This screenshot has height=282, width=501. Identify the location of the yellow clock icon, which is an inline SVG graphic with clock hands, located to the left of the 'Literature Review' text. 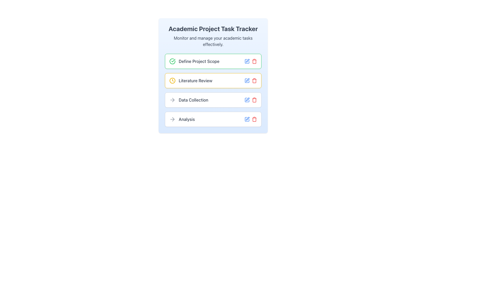
(172, 80).